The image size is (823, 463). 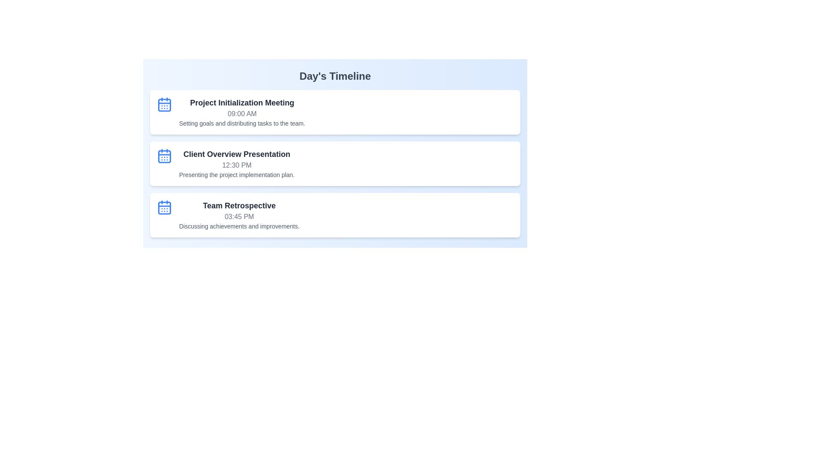 I want to click on the Text Label that displays the scheduled time for the 'Team Retrospective' event, which is positioned under the title 'Team Retrospective' and above the description text, so click(x=239, y=216).